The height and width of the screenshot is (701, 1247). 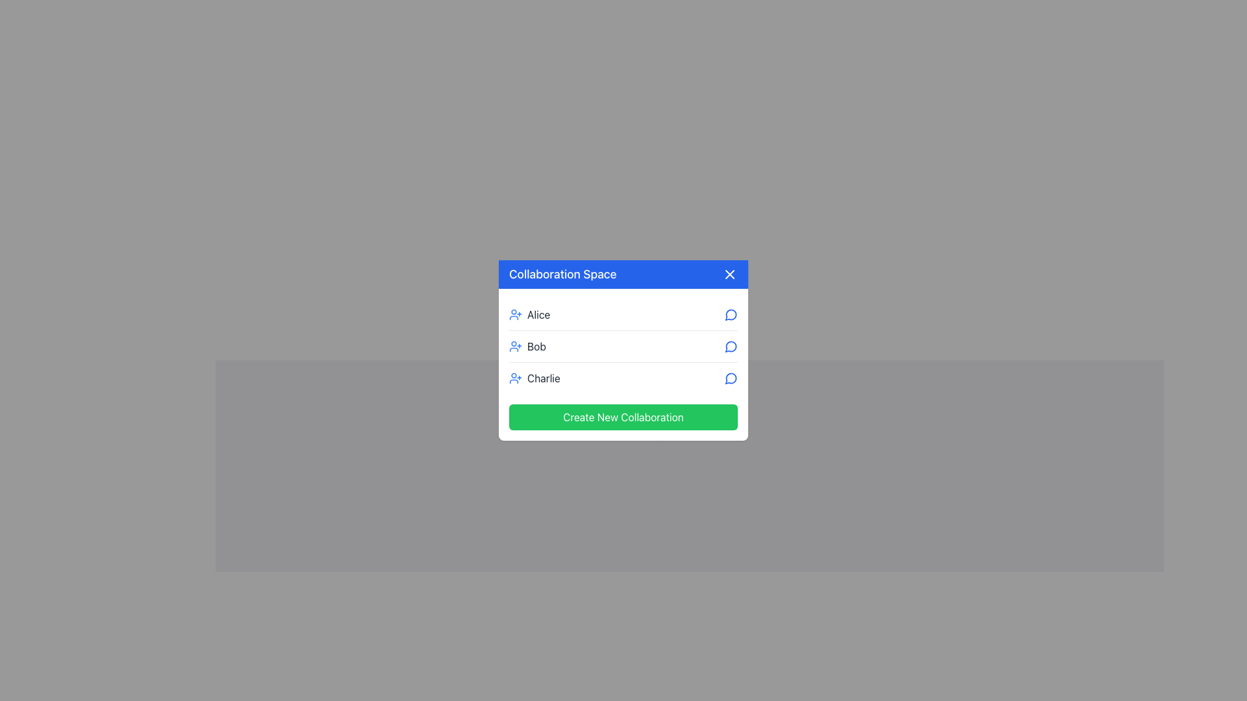 I want to click on the interactive messaging button located to the right of the list item labeled 'Bob' in the 'Collaboration Space' panel, so click(x=731, y=345).